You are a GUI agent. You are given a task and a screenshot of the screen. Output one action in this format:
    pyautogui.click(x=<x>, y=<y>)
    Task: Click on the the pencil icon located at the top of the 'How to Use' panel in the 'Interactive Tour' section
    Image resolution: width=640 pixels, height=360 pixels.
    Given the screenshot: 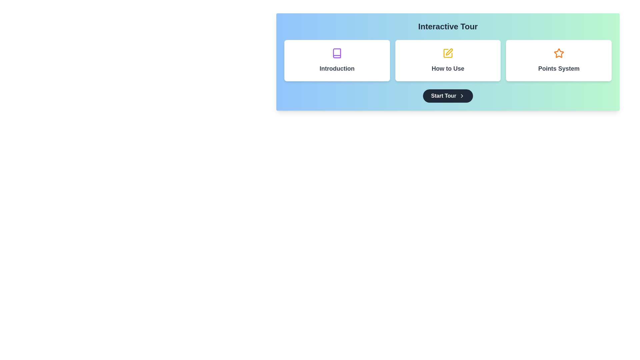 What is the action you would take?
    pyautogui.click(x=448, y=53)
    